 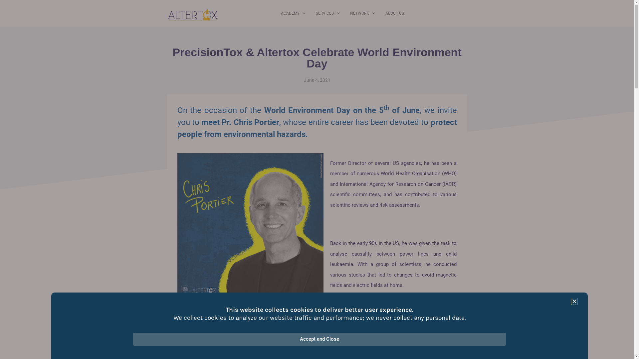 What do you see at coordinates (293, 13) in the screenshot?
I see `'ACADEMY'` at bounding box center [293, 13].